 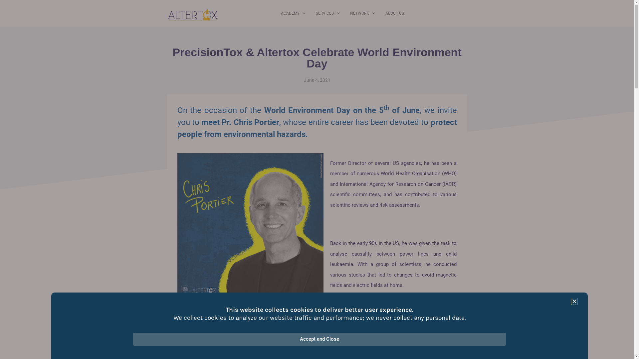 What do you see at coordinates (293, 13) in the screenshot?
I see `'ACADEMY'` at bounding box center [293, 13].